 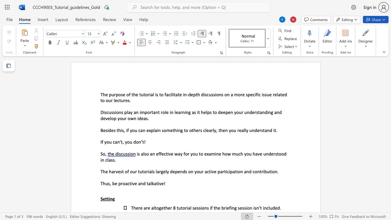 I want to click on the 2th character "d" in the text, so click(x=278, y=207).